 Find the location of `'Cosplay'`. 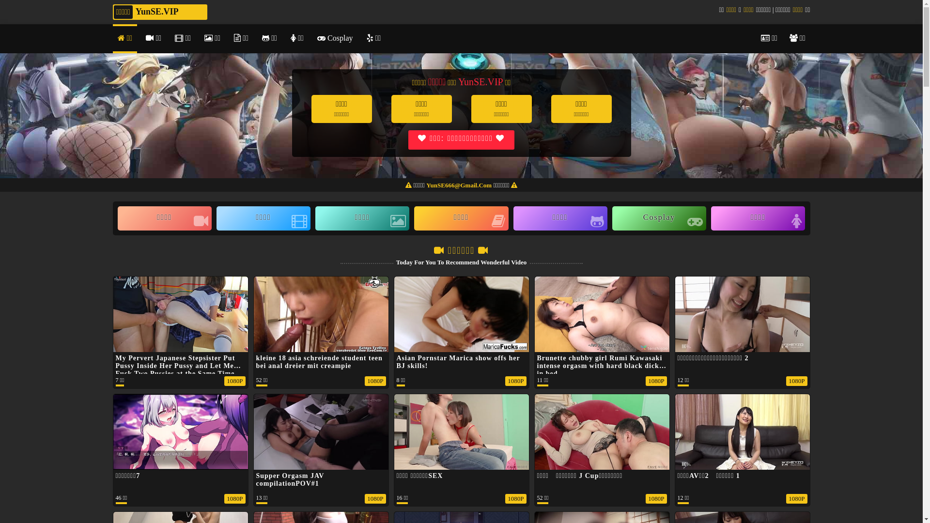

'Cosplay' is located at coordinates (659, 218).